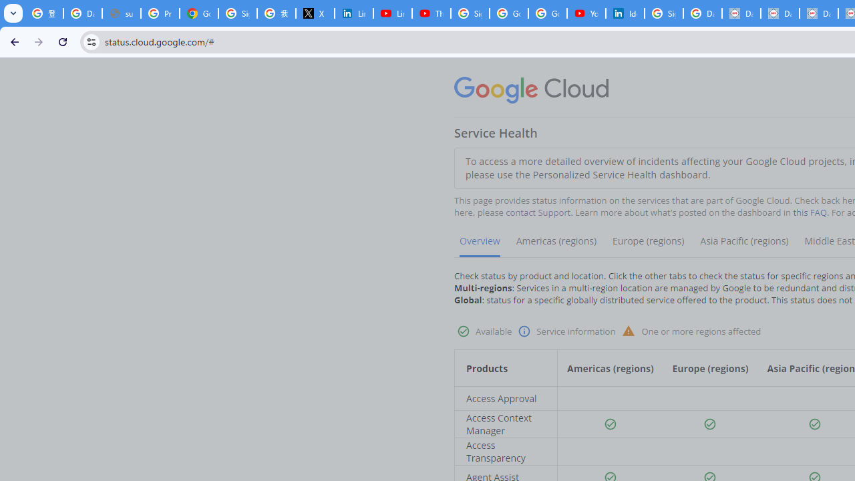 The image size is (855, 481). What do you see at coordinates (663, 13) in the screenshot?
I see `'Sign in - Google Accounts'` at bounding box center [663, 13].